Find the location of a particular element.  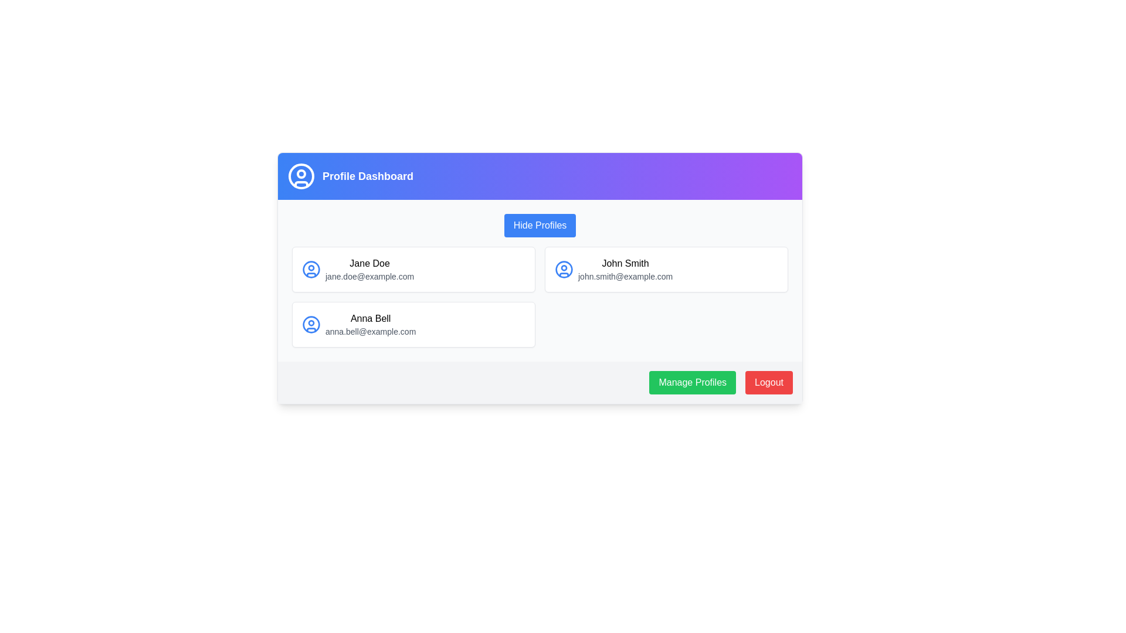

the Text Display Block that shows the user's profile name and email address, located in the first card of the left-aligned card group is located at coordinates (369, 269).